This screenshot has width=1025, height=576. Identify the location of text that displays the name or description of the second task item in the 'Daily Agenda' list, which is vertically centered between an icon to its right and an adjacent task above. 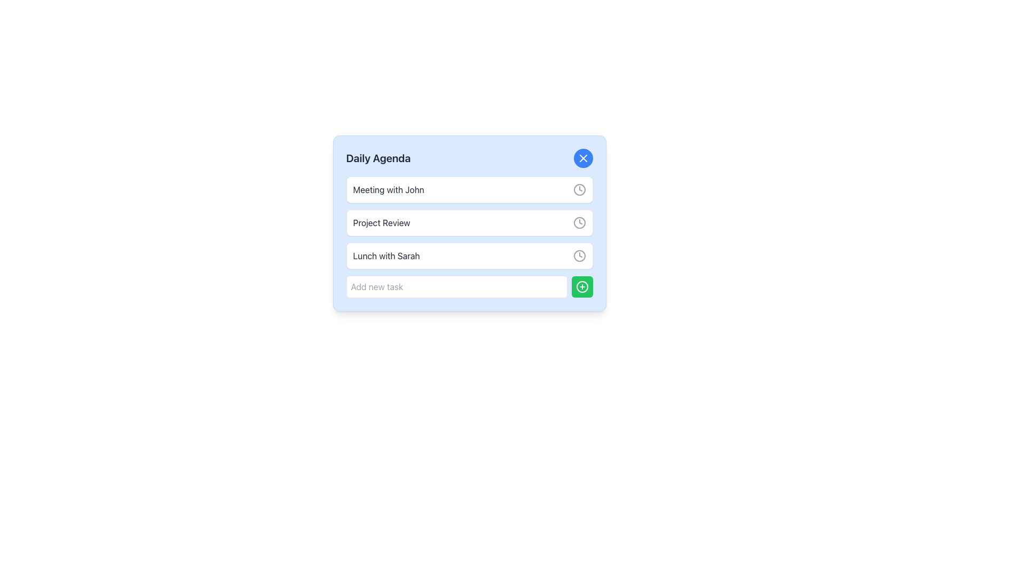
(382, 222).